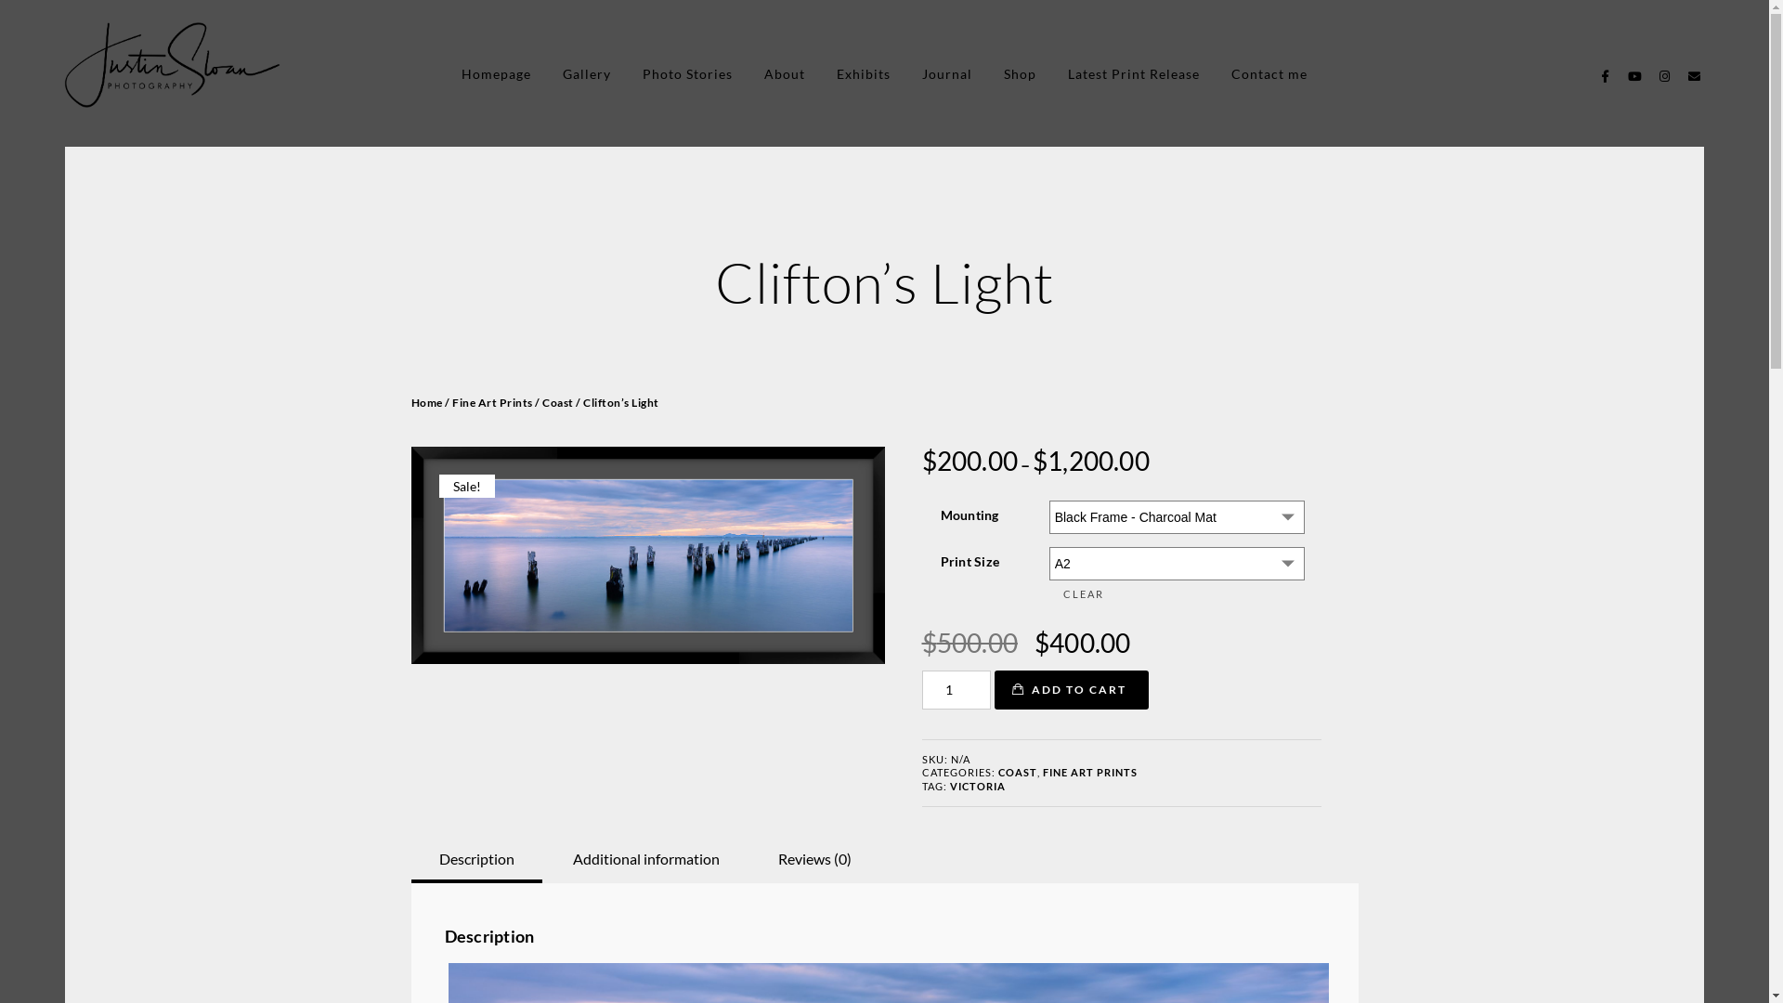 The width and height of the screenshot is (1783, 1003). Describe the element at coordinates (1175, 594) in the screenshot. I see `'CLEAR'` at that location.